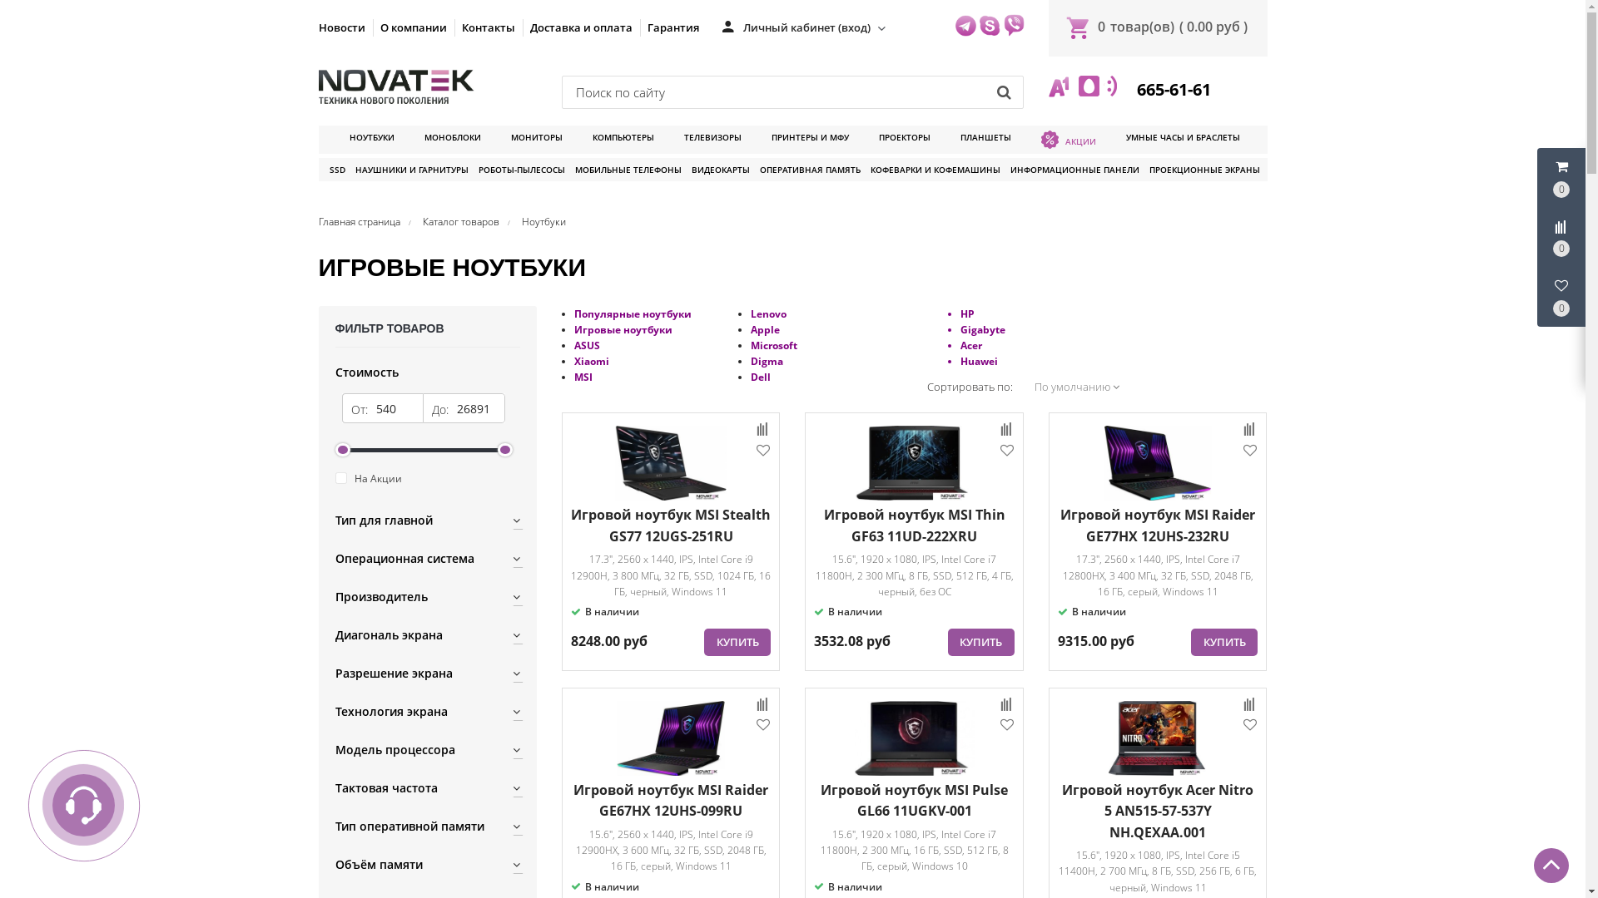 The image size is (1598, 898). I want to click on 'MSI', so click(574, 377).